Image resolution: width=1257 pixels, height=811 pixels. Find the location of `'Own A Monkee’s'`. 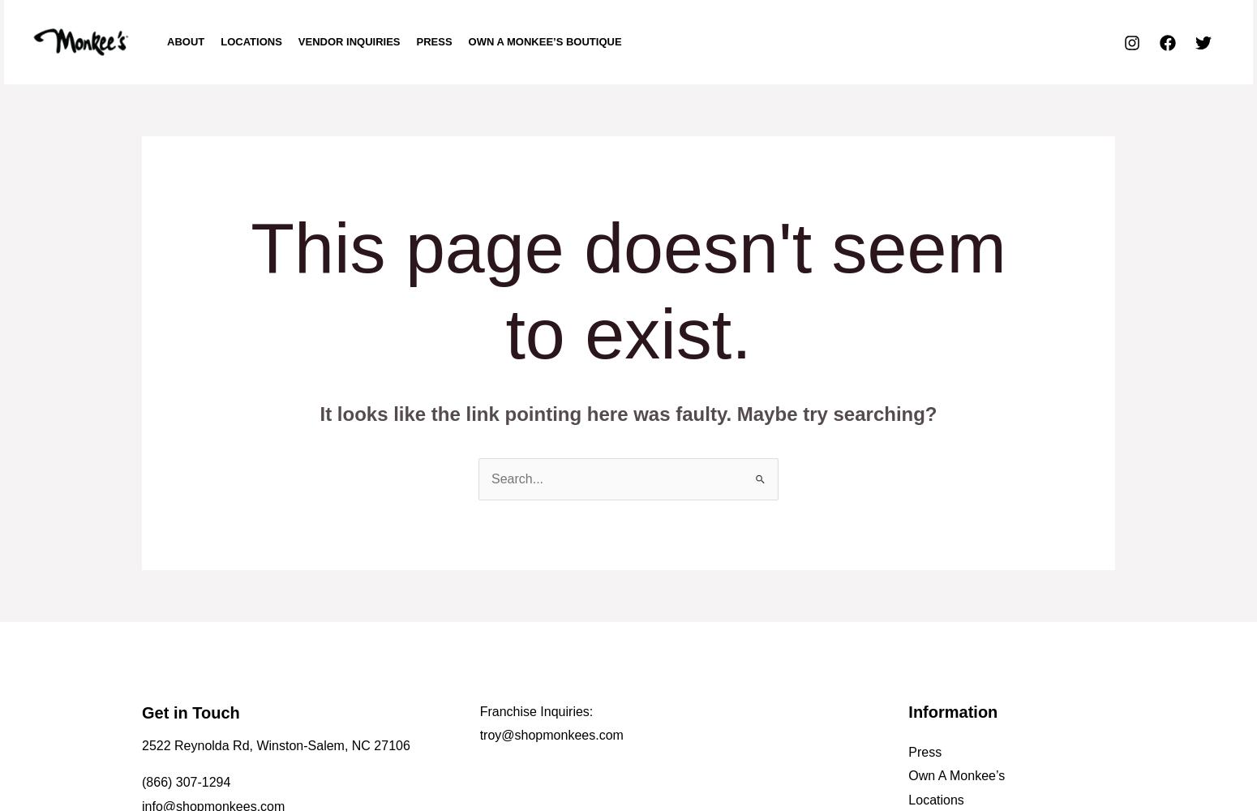

'Own A Monkee’s' is located at coordinates (907, 775).